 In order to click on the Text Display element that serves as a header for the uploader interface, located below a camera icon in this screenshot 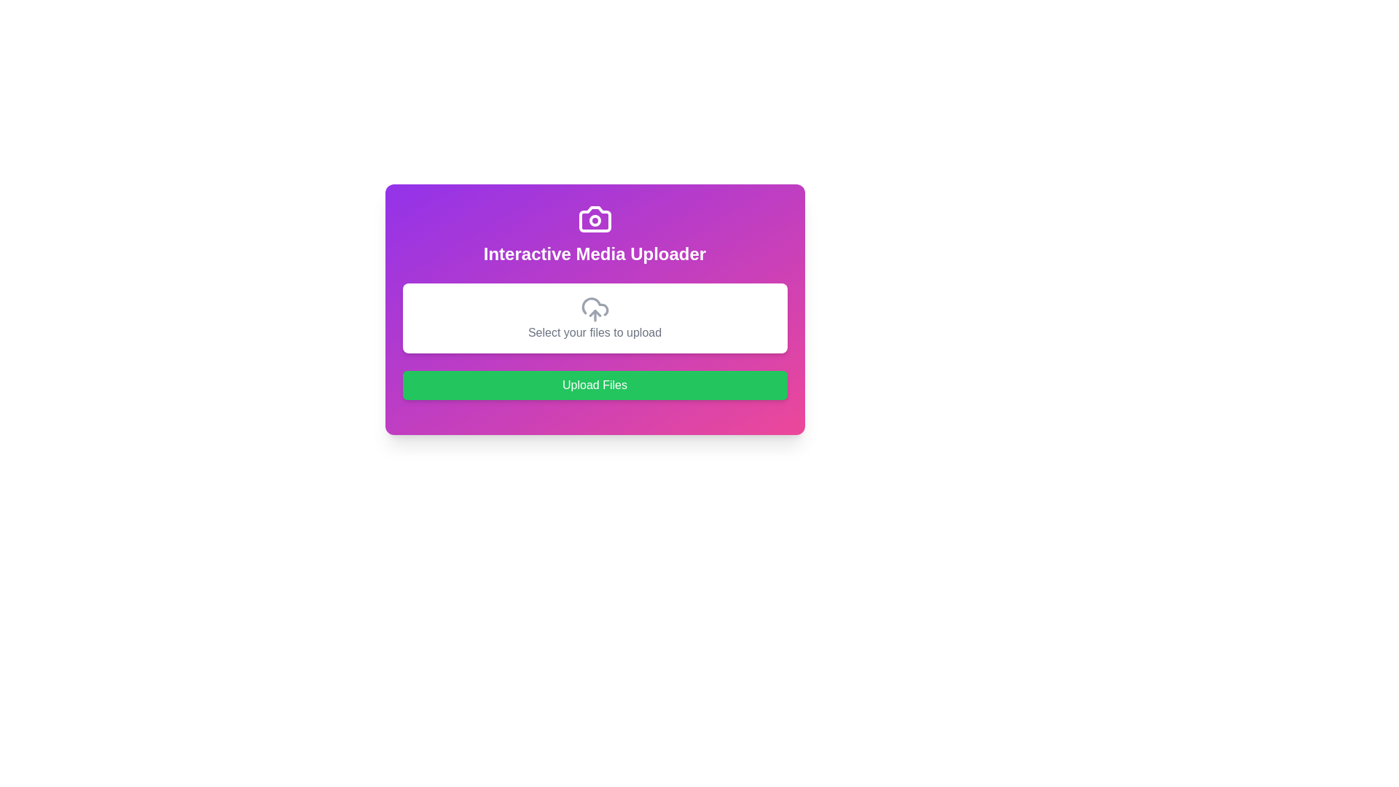, I will do `click(595, 253)`.